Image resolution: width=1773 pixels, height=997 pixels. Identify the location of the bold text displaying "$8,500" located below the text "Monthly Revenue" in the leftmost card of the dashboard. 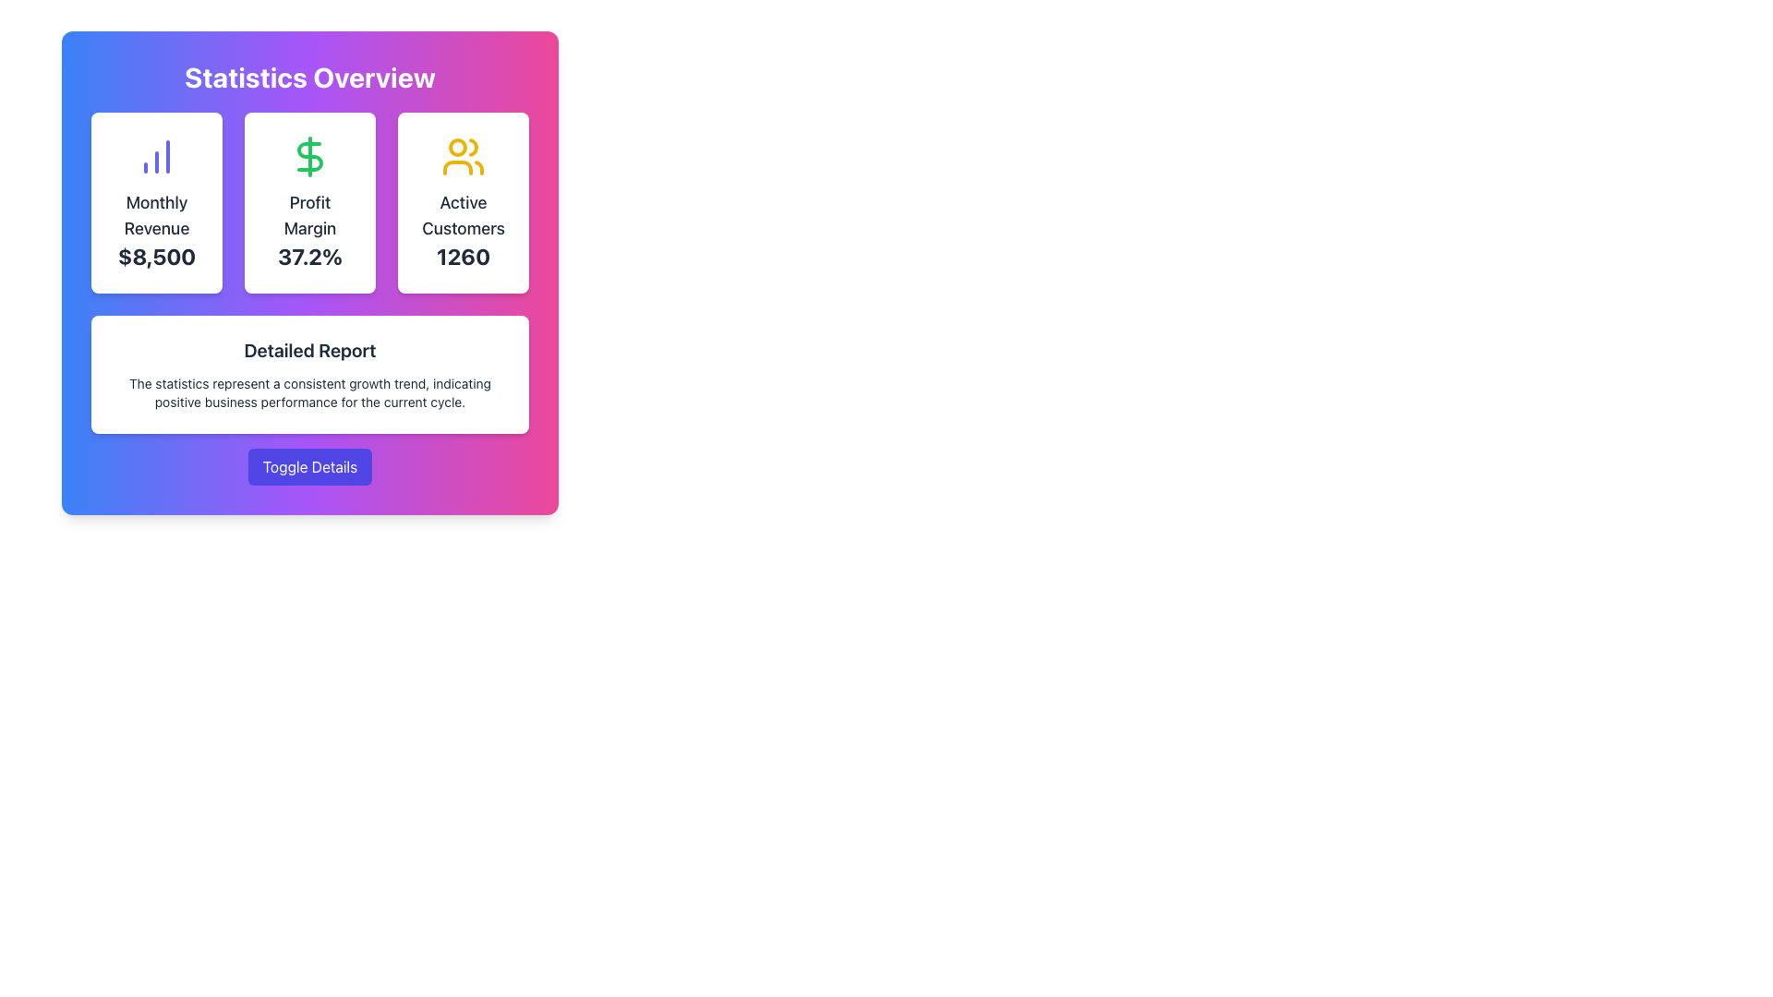
(156, 256).